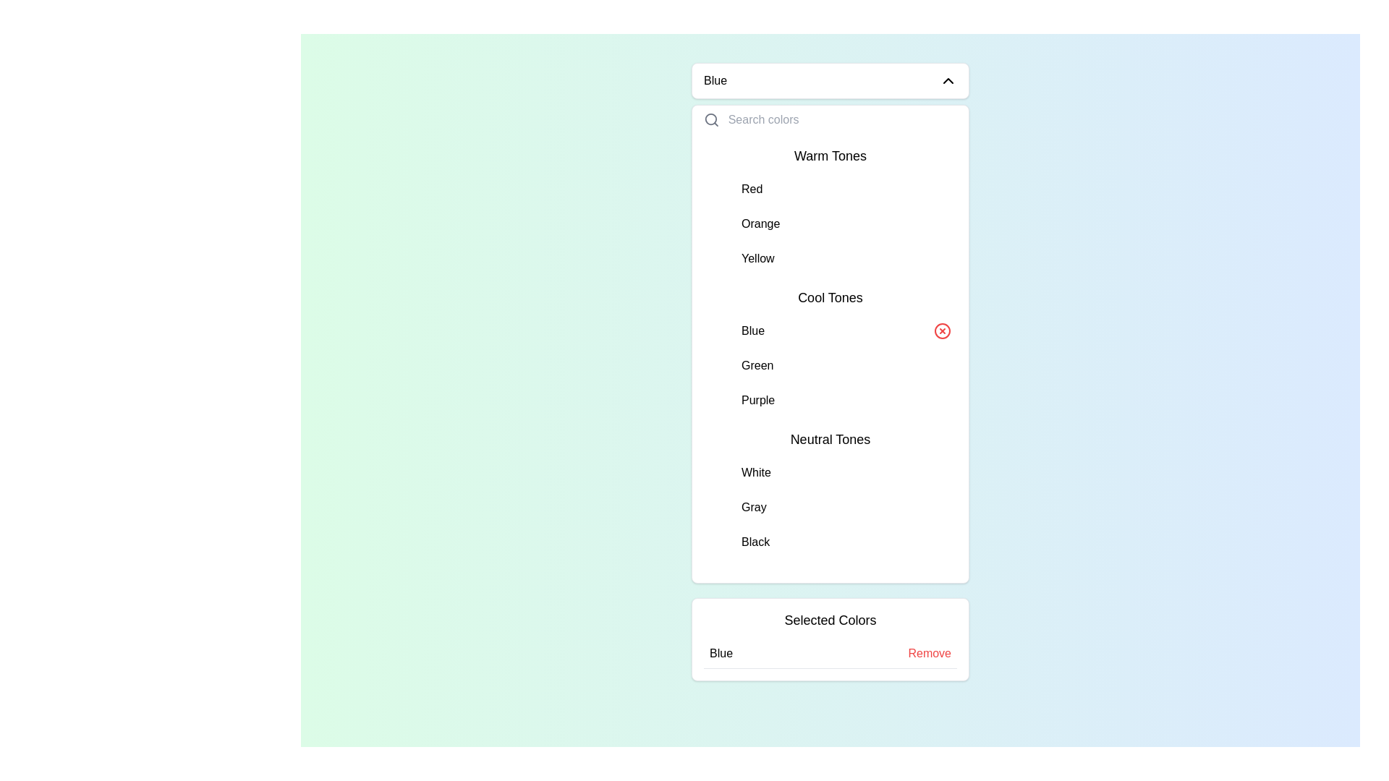 Image resolution: width=1389 pixels, height=781 pixels. I want to click on the static text label displaying 'Blue' within the 'Selected Colors' section, which is positioned adjacent to the red interactive 'Remove' link, so click(721, 653).